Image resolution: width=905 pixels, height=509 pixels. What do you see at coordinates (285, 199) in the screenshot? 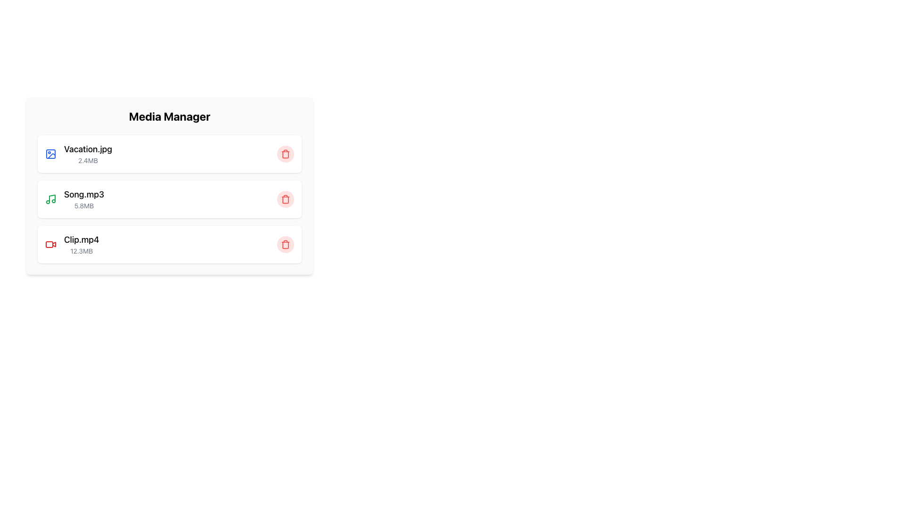
I see `the circular red delete button with a trash bin icon, located at the far right side of the 'Song.mp3' entry row` at bounding box center [285, 199].